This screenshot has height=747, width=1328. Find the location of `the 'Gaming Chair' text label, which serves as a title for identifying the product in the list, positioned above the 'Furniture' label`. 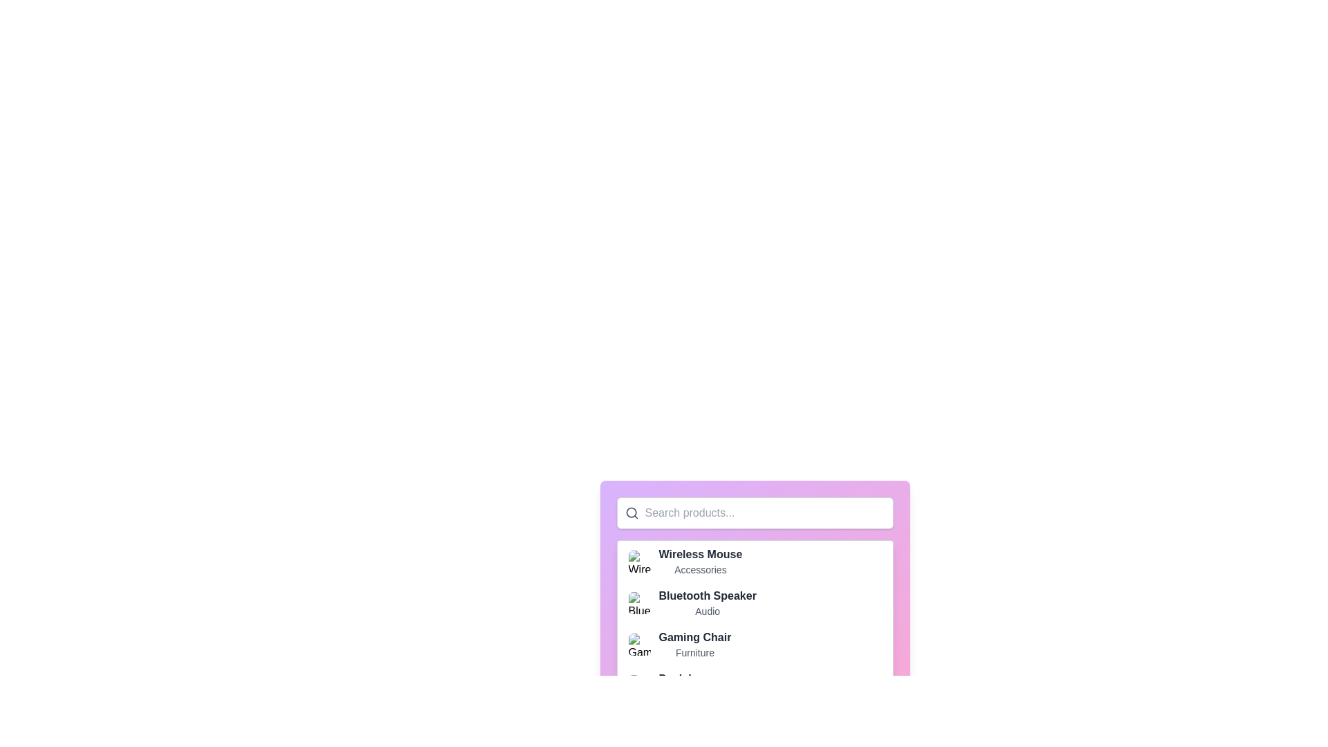

the 'Gaming Chair' text label, which serves as a title for identifying the product in the list, positioned above the 'Furniture' label is located at coordinates (694, 637).